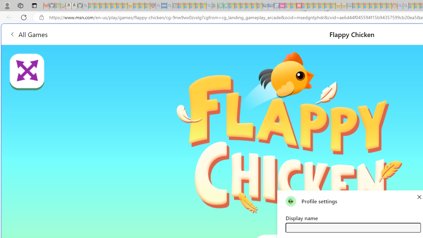 The image size is (423, 238). I want to click on 'New Report Confirms 2023 Was Record Hot | Watch - Sleeping', so click(113, 6).